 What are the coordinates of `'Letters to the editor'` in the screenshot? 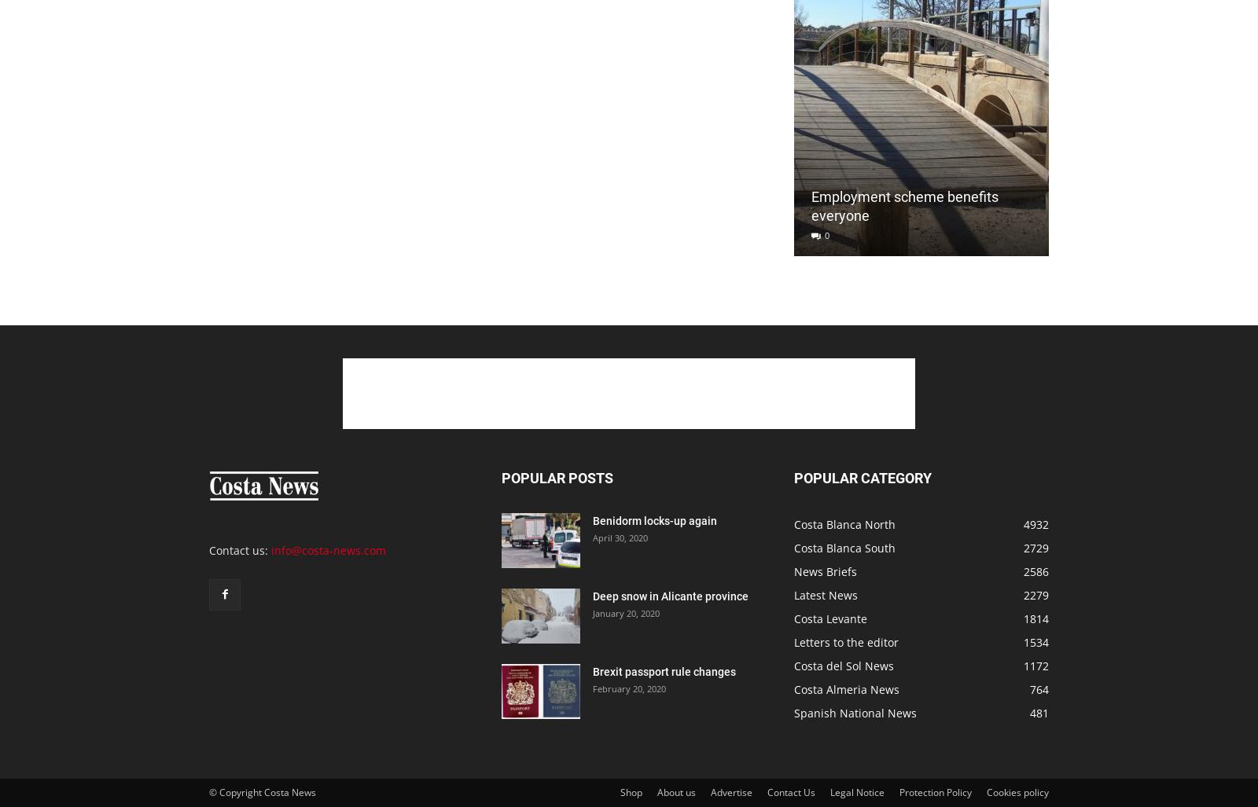 It's located at (846, 642).